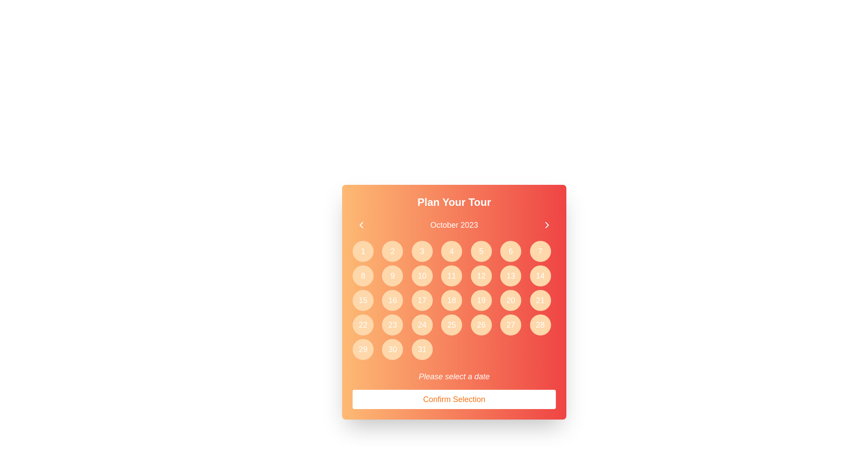  What do you see at coordinates (511, 275) in the screenshot?
I see `the circular button with a light orange background and white text '13', located` at bounding box center [511, 275].